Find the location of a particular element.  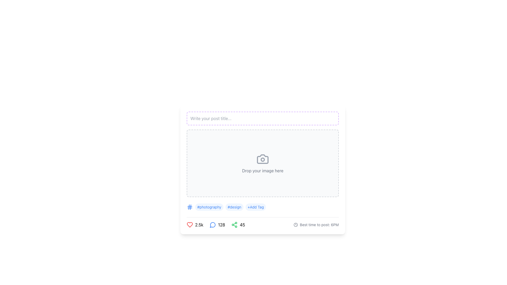

the decorative circle element of the clock icon located in the bottom-right section of the interface is located at coordinates (295, 225).